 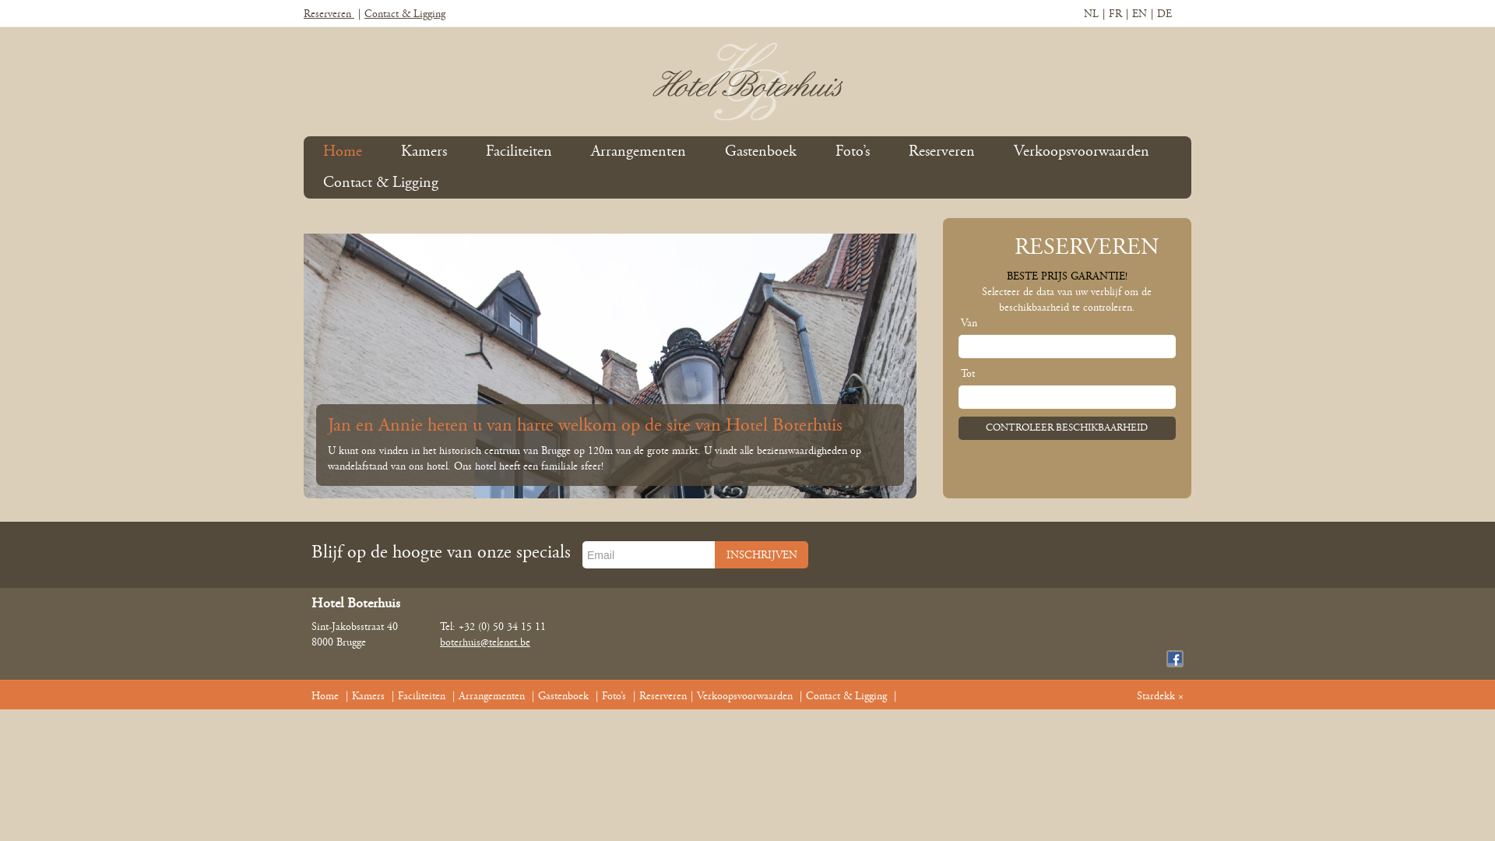 What do you see at coordinates (1090, 14) in the screenshot?
I see `'NL'` at bounding box center [1090, 14].